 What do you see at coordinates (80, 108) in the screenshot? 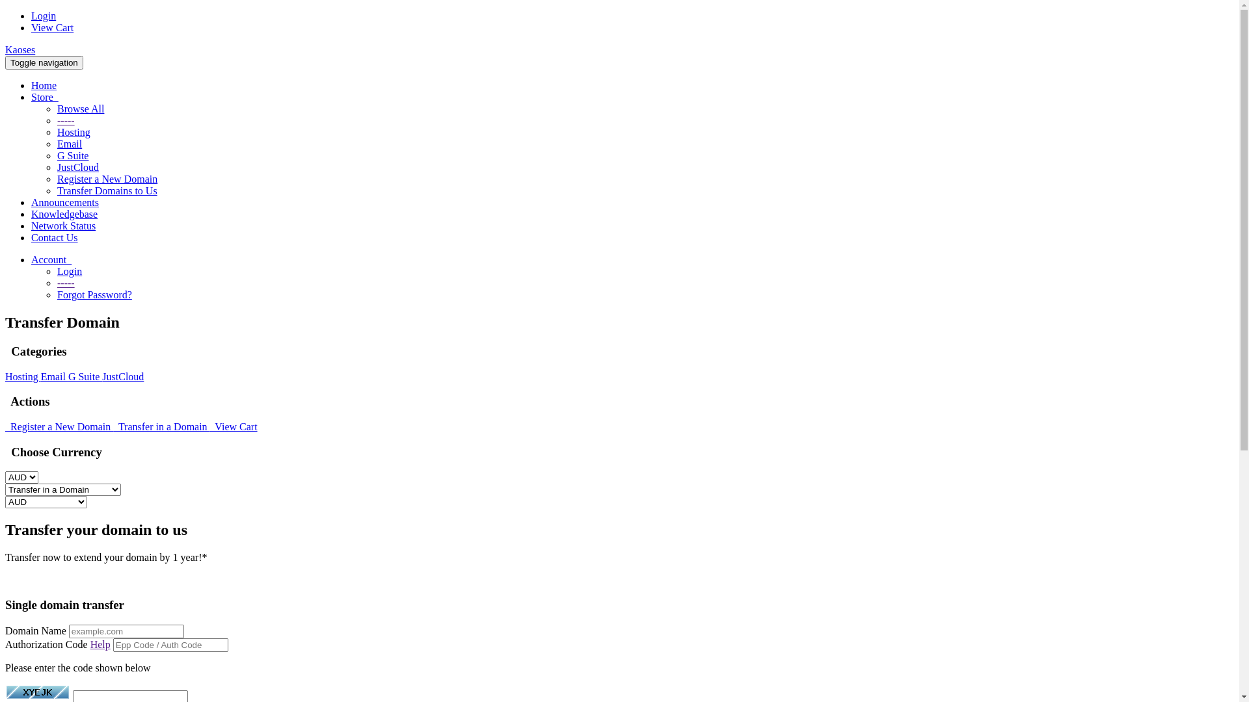
I see `'Browse All'` at bounding box center [80, 108].